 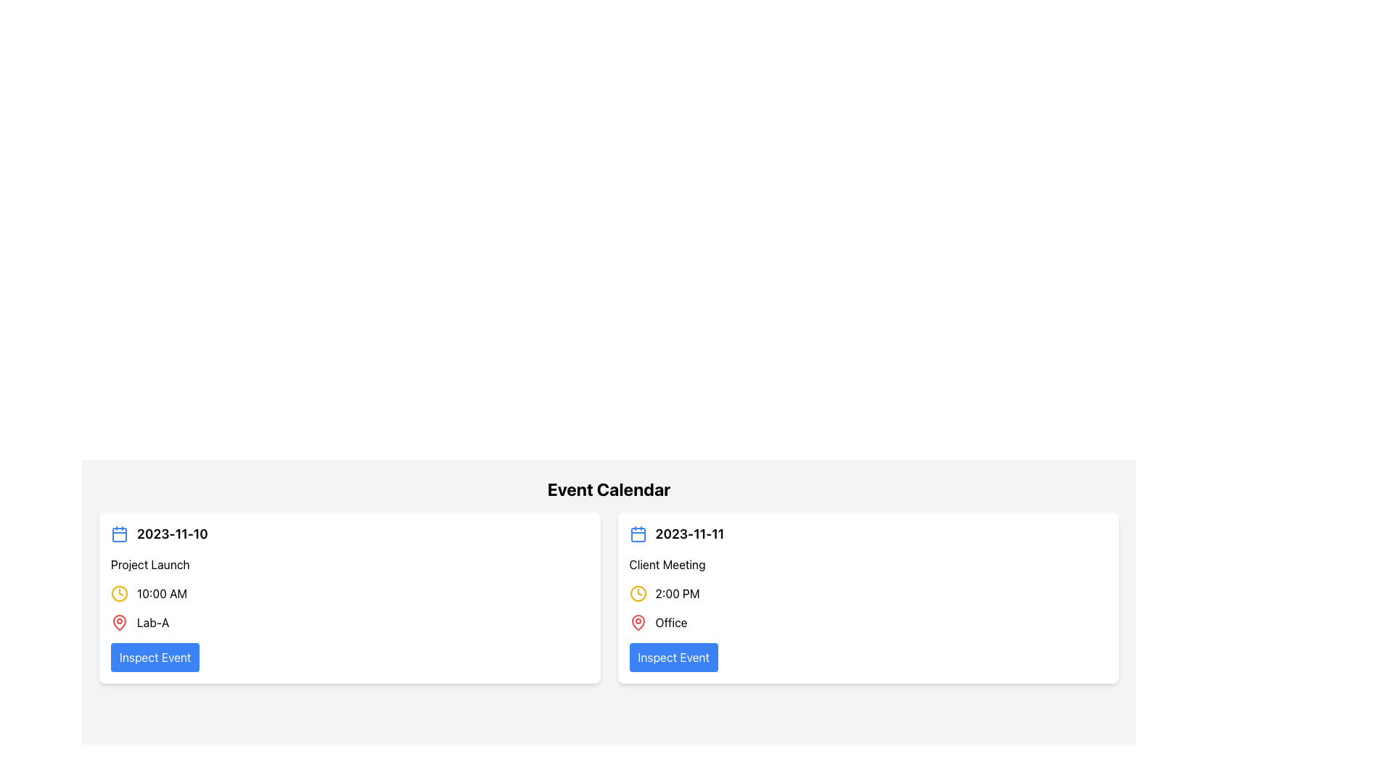 What do you see at coordinates (119, 593) in the screenshot?
I see `clock icon, which is a small yellow icon with a circular border and hands indicating time, located in the left event card next to the text '10:00 AM'` at bounding box center [119, 593].